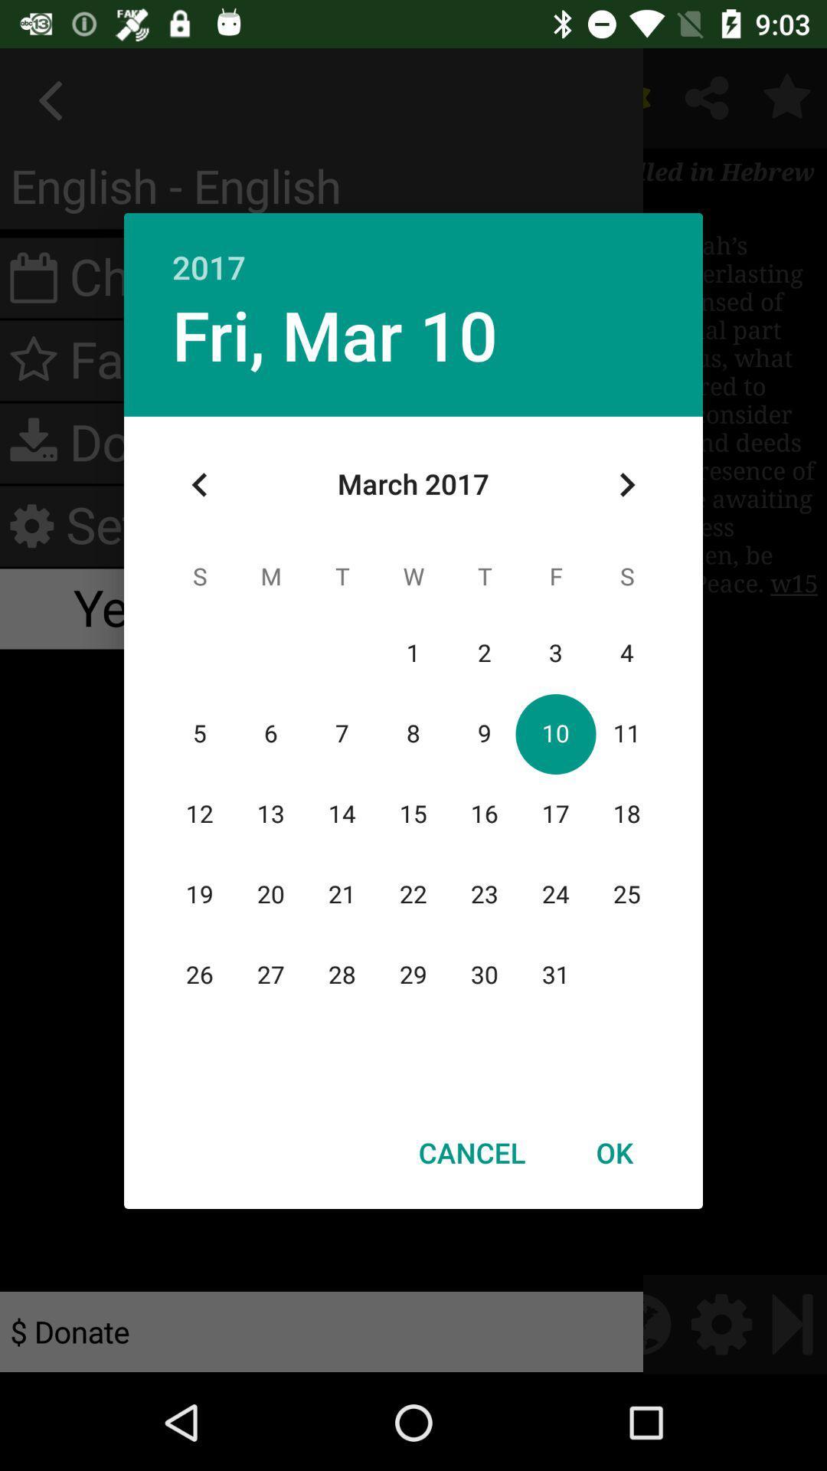 The width and height of the screenshot is (827, 1471). Describe the element at coordinates (199, 484) in the screenshot. I see `app below the fri, mar 10 item` at that location.